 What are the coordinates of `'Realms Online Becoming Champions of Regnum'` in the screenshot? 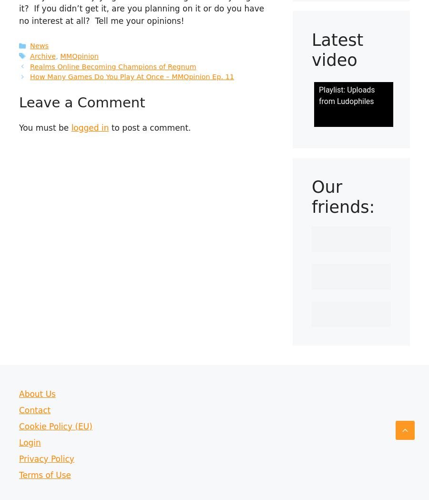 It's located at (112, 66).